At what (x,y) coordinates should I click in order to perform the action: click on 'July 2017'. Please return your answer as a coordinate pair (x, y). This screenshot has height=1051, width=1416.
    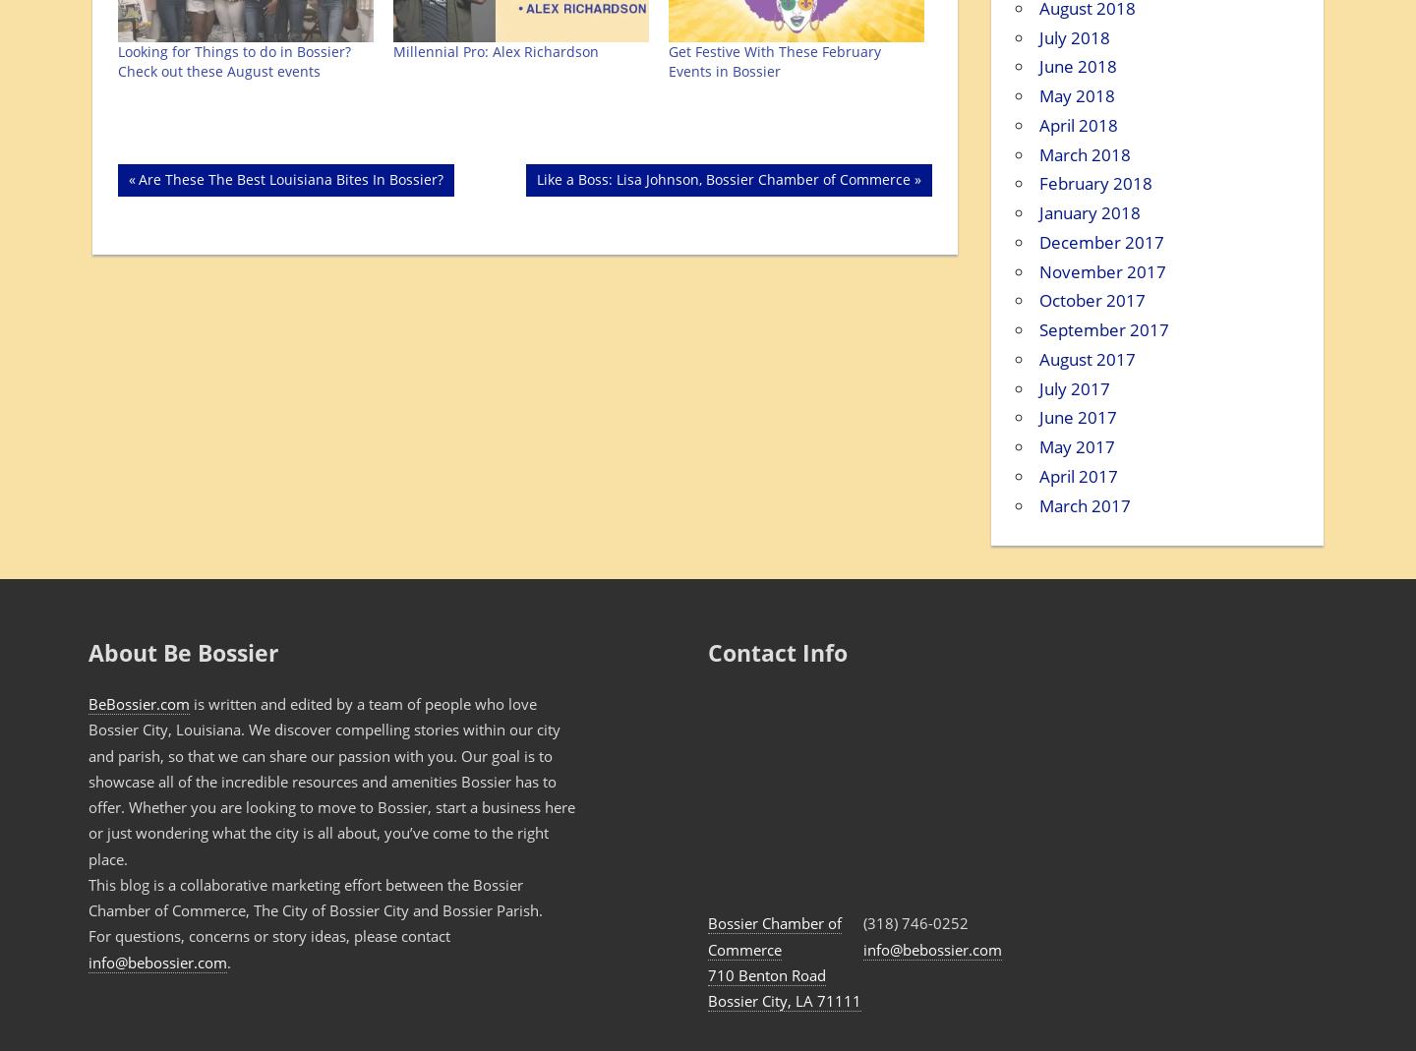
    Looking at the image, I should click on (1073, 387).